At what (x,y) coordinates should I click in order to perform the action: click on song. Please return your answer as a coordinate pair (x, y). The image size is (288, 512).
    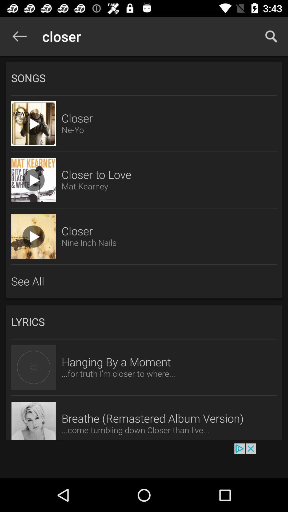
    Looking at the image, I should click on (34, 123).